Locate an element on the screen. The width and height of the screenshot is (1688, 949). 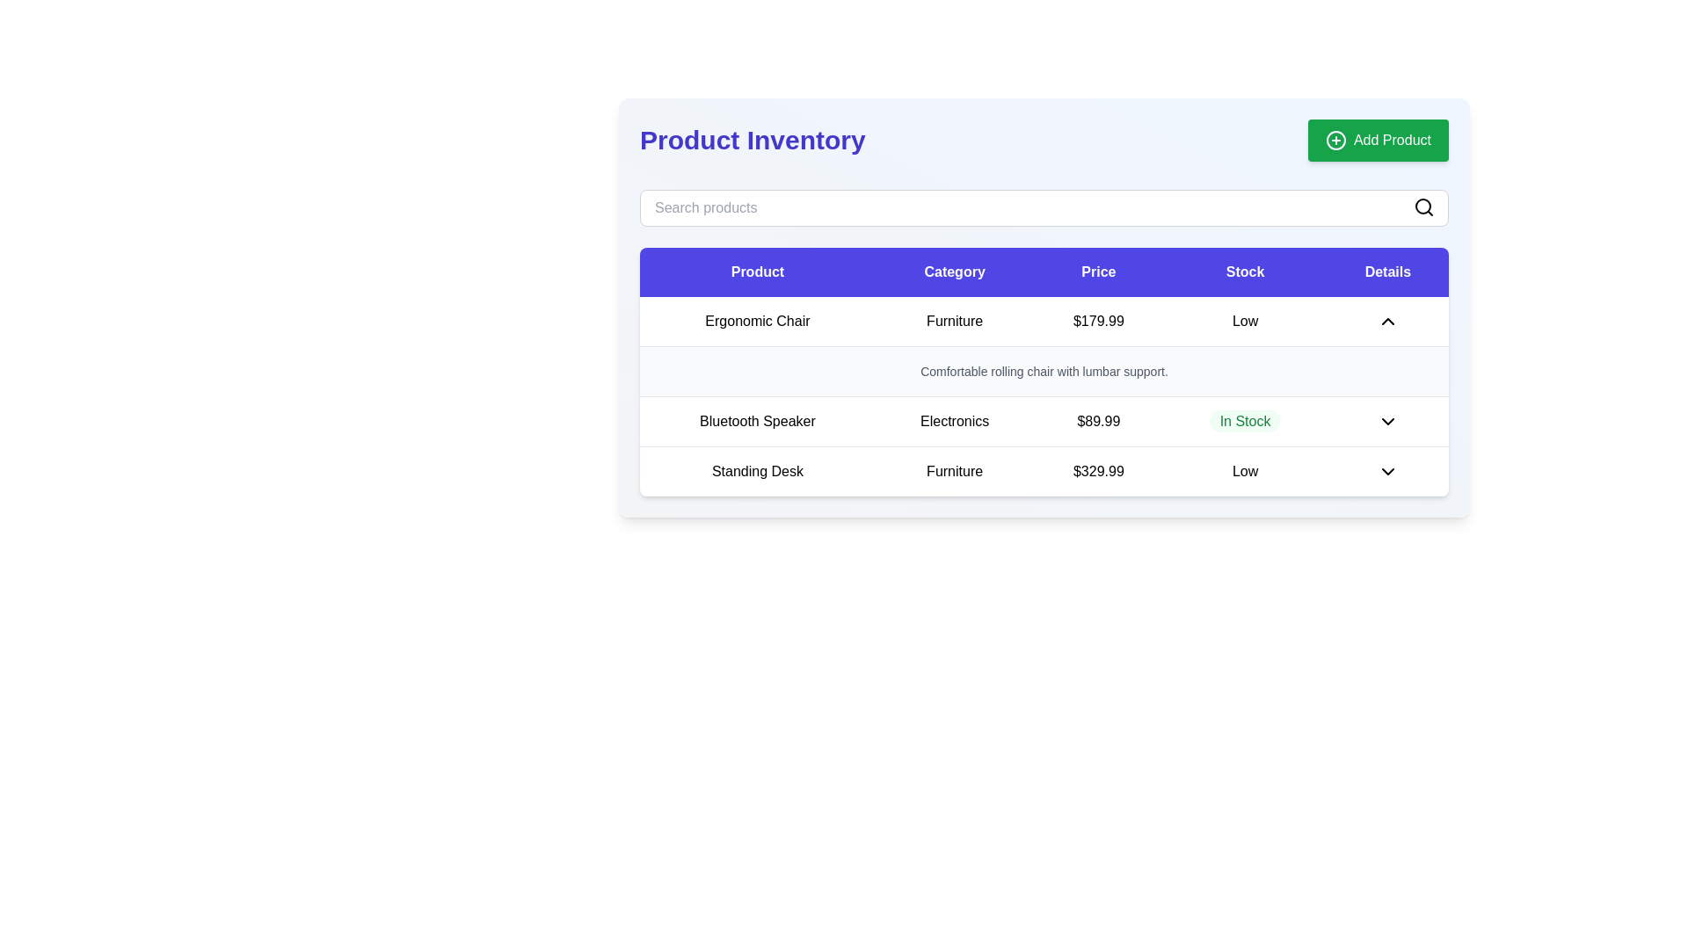
the text label representing the category assignment is located at coordinates (954, 322).